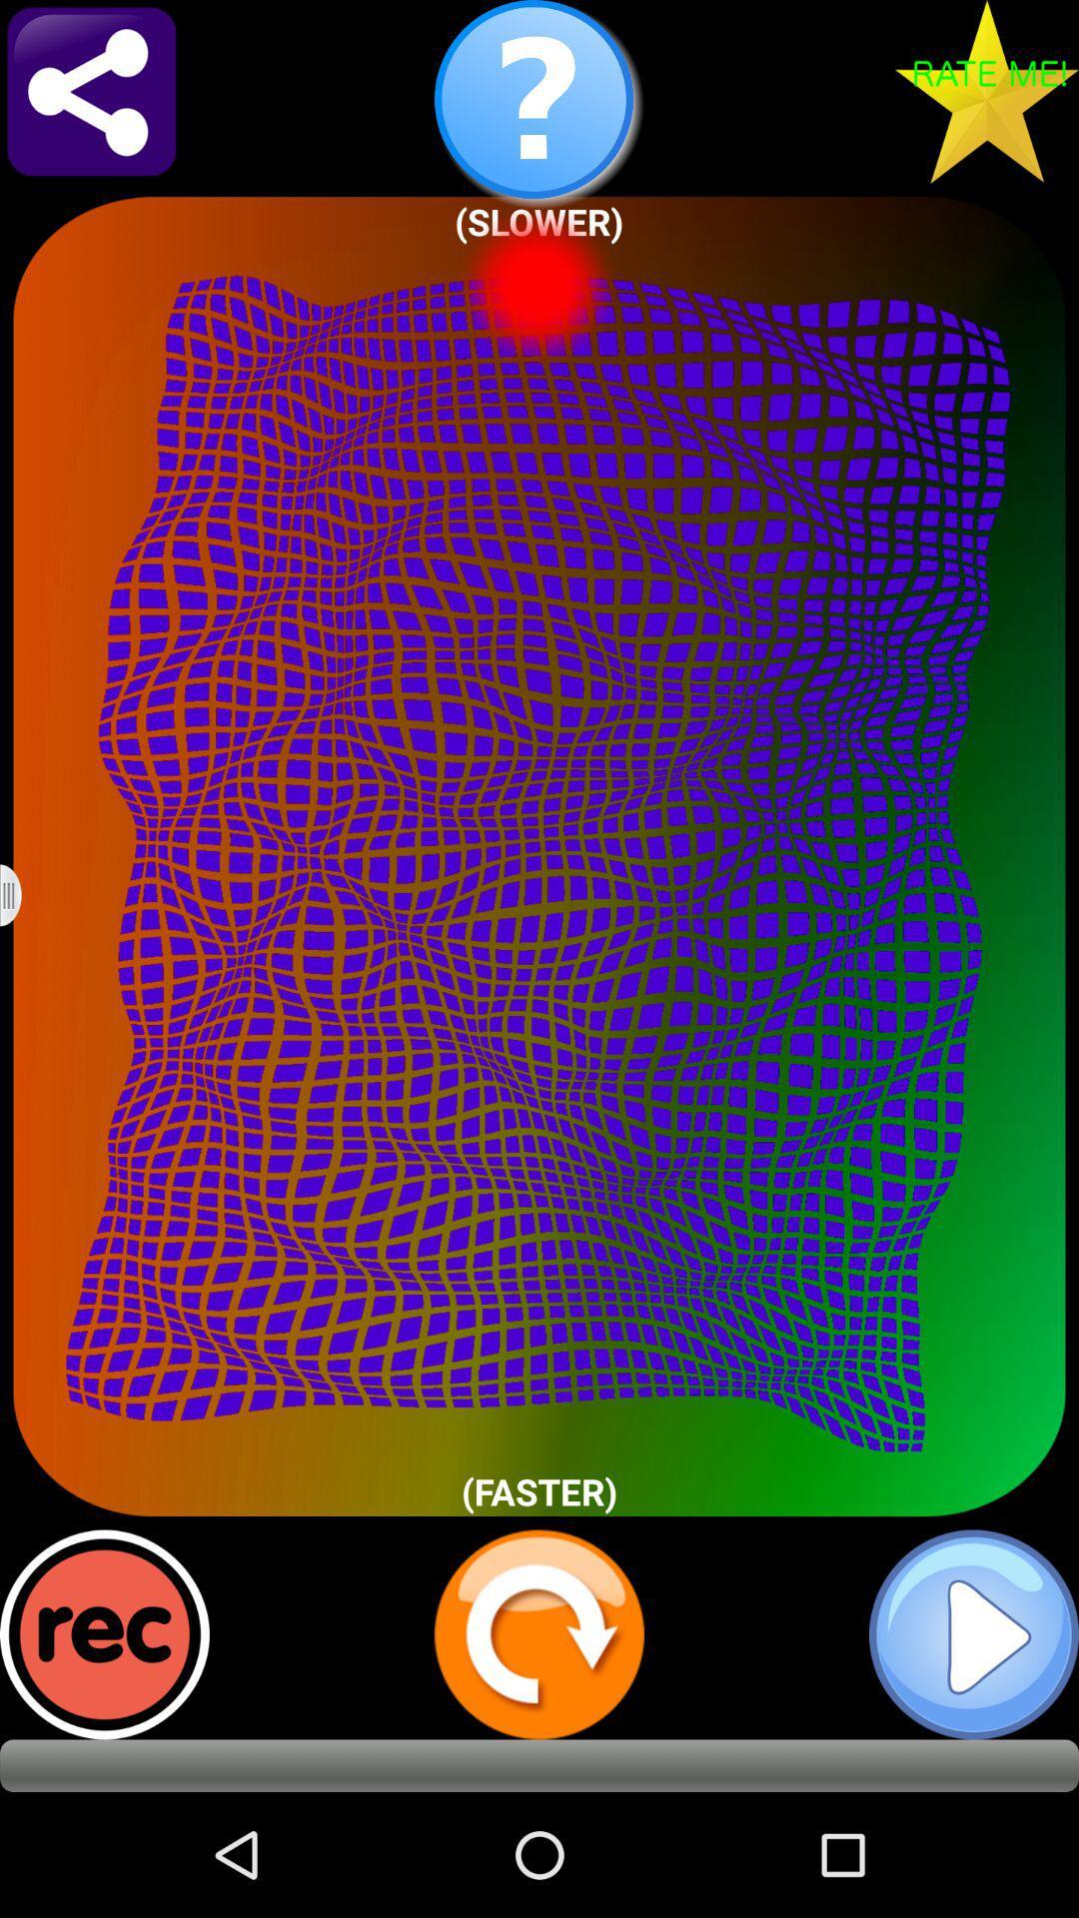 The height and width of the screenshot is (1918, 1079). What do you see at coordinates (539, 104) in the screenshot?
I see `help button` at bounding box center [539, 104].